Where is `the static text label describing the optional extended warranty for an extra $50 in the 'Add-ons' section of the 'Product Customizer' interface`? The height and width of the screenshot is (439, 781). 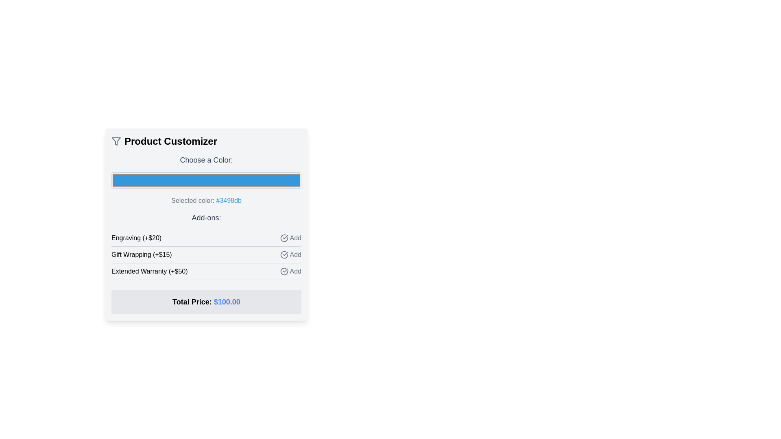 the static text label describing the optional extended warranty for an extra $50 in the 'Add-ons' section of the 'Product Customizer' interface is located at coordinates (149, 271).